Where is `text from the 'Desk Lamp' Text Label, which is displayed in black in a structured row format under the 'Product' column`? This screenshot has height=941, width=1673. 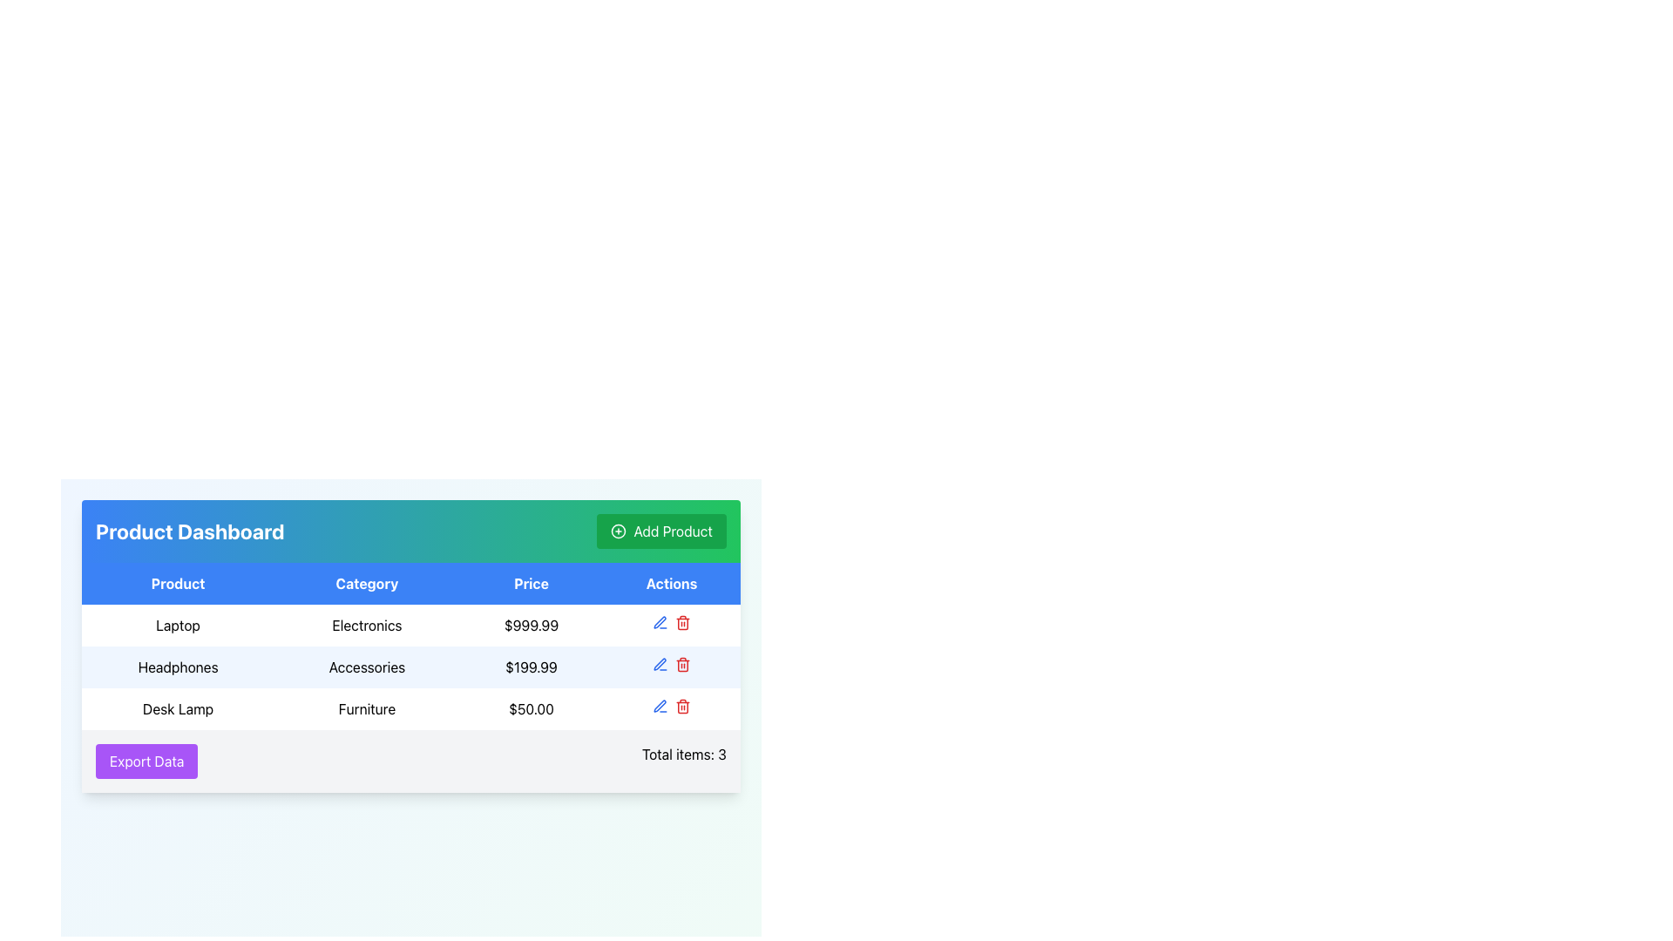
text from the 'Desk Lamp' Text Label, which is displayed in black in a structured row format under the 'Product' column is located at coordinates (178, 708).